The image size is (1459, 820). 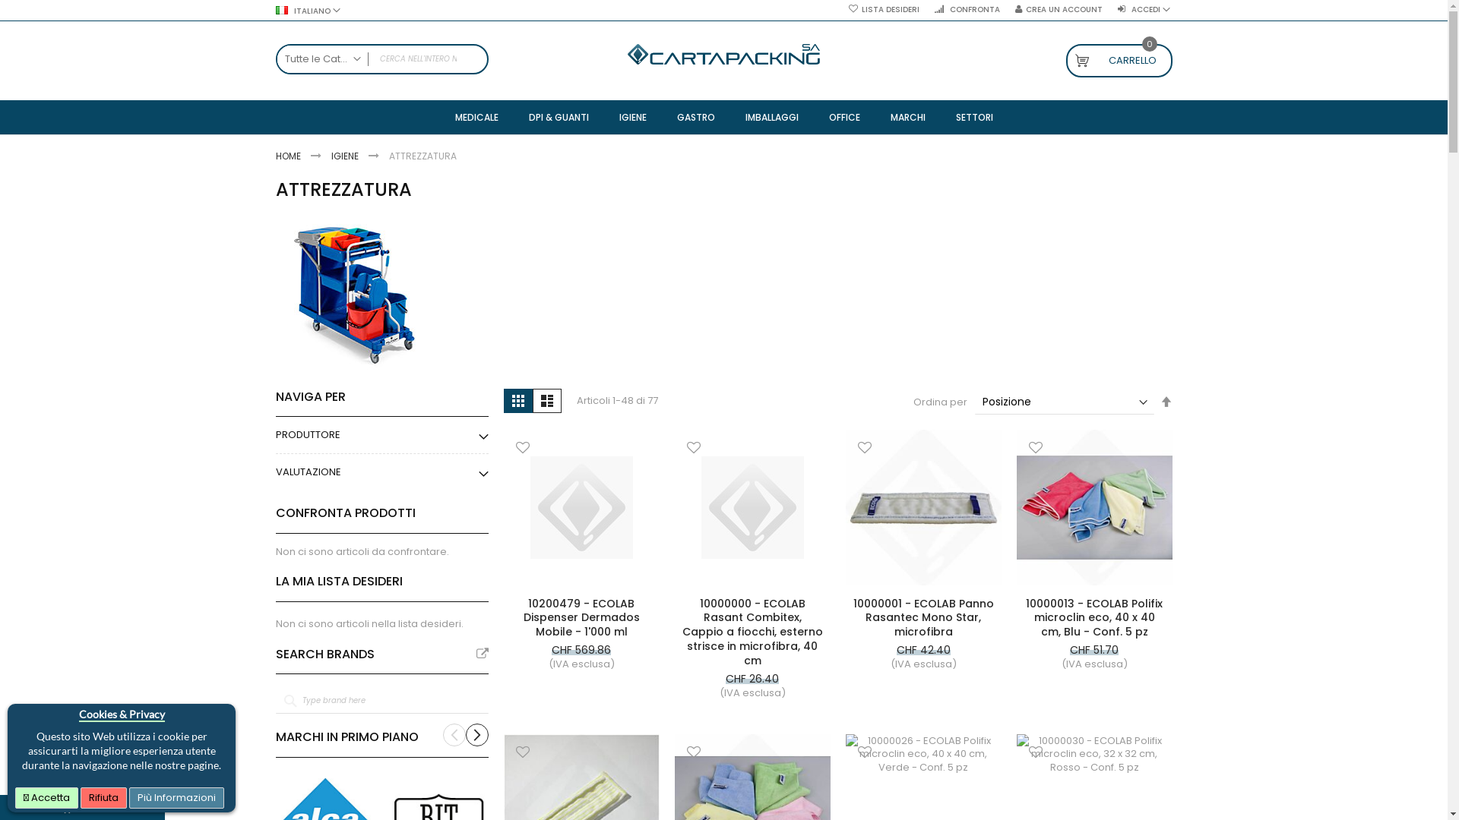 What do you see at coordinates (627, 53) in the screenshot?
I see `'Cartapacking SA'` at bounding box center [627, 53].